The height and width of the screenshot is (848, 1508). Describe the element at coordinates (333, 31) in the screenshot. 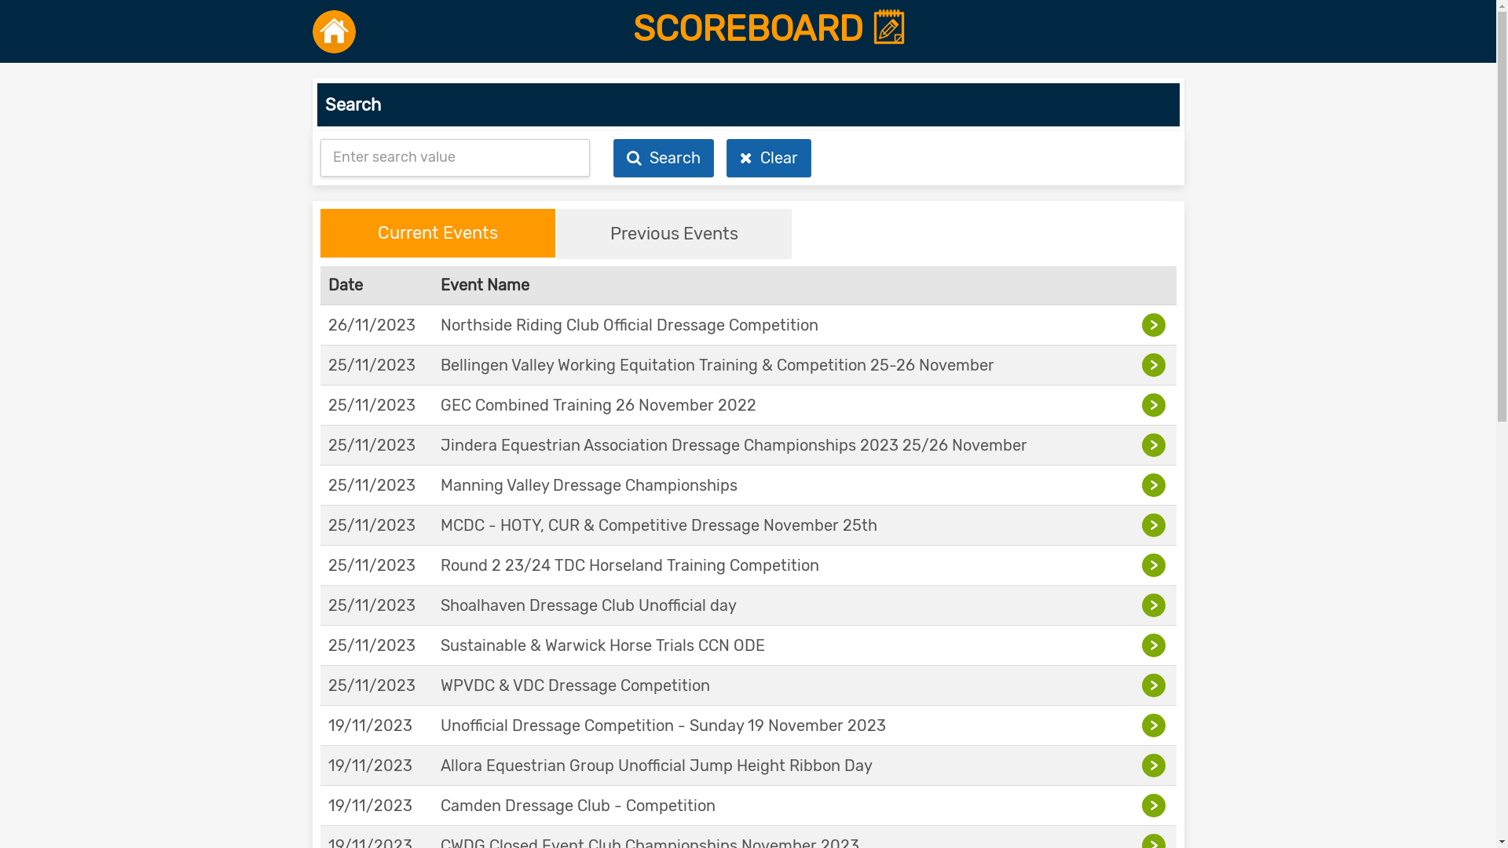

I see `'Back to Home'` at that location.